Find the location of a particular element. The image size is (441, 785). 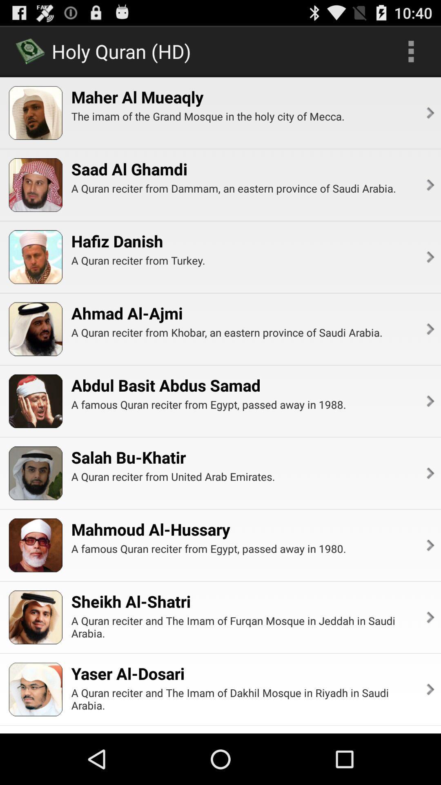

the app below a famous quran icon is located at coordinates (429, 617).